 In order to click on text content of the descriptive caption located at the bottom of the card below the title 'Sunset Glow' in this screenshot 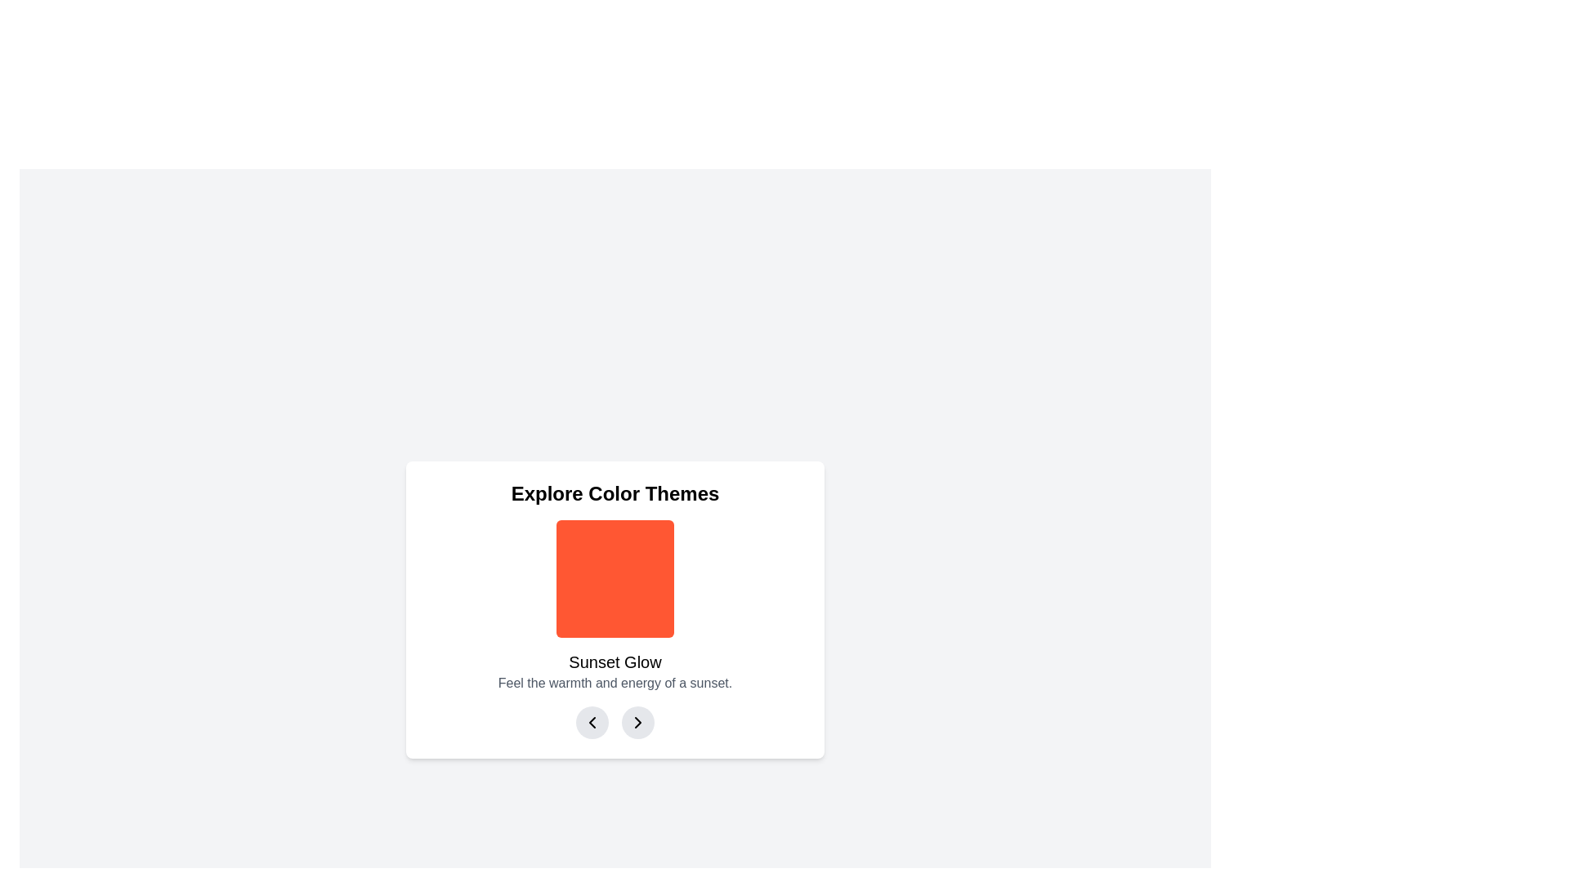, I will do `click(615, 684)`.